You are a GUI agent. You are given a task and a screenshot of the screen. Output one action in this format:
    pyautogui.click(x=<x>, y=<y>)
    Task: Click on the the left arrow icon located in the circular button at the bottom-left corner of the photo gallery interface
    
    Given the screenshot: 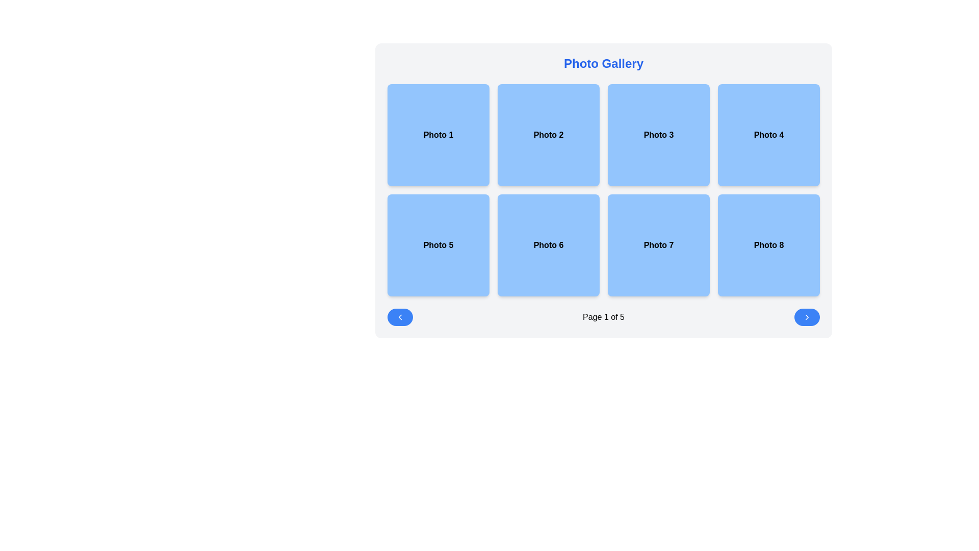 What is the action you would take?
    pyautogui.click(x=400, y=316)
    